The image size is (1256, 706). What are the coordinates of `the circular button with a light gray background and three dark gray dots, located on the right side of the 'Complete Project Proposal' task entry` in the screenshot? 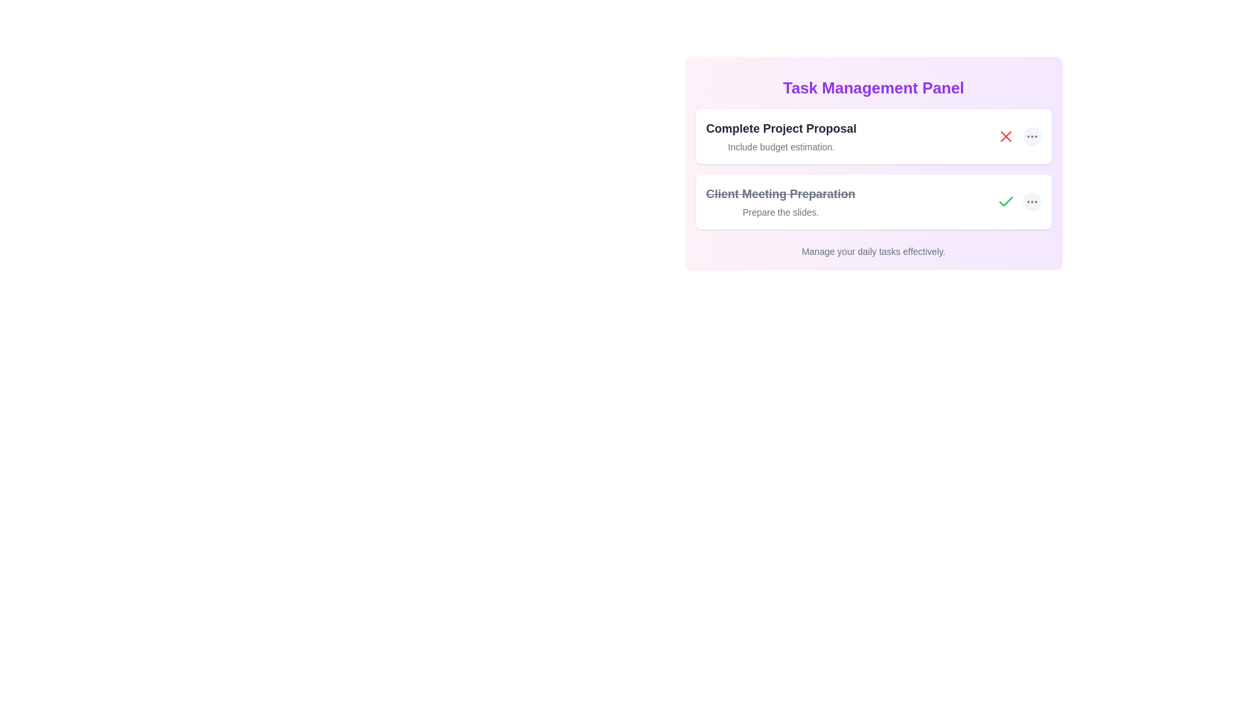 It's located at (1031, 136).